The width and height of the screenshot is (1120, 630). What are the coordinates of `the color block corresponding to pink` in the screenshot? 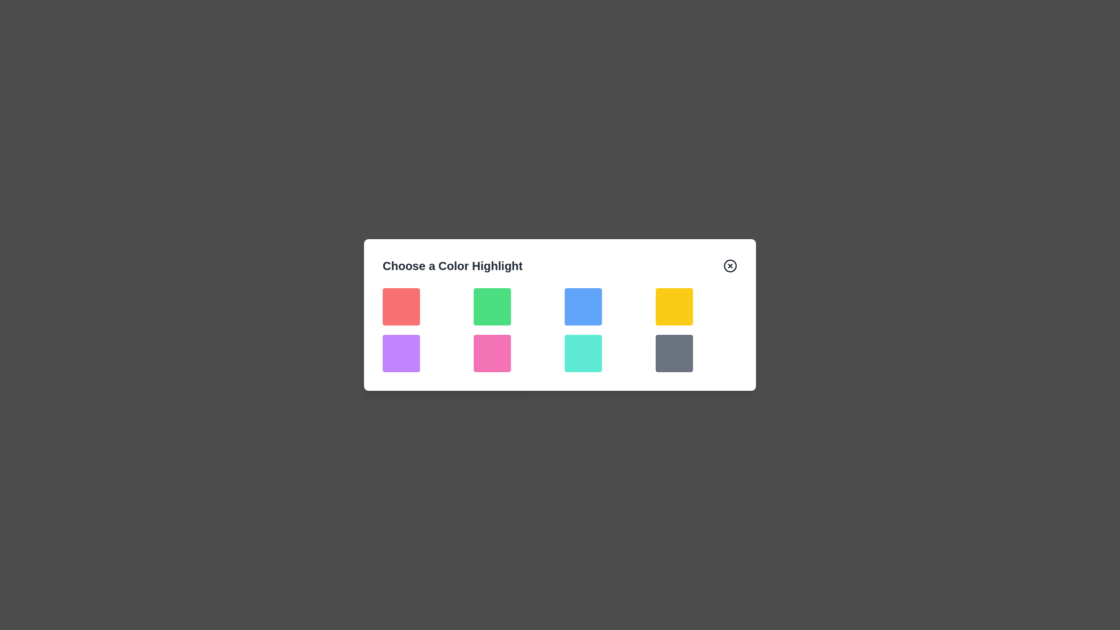 It's located at (492, 352).